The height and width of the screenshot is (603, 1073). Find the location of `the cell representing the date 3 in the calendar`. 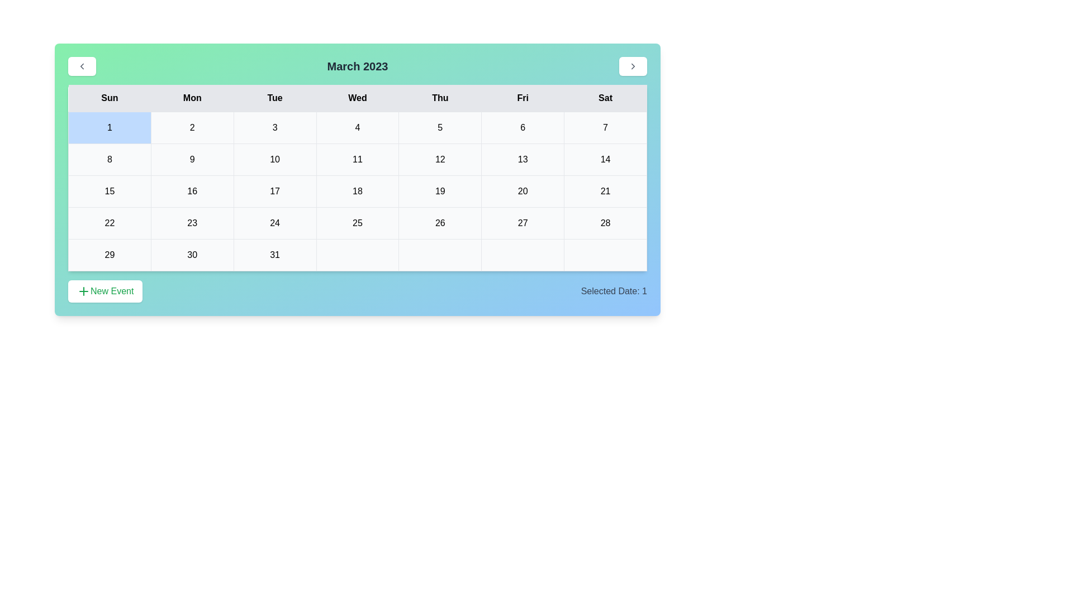

the cell representing the date 3 in the calendar is located at coordinates (274, 127).